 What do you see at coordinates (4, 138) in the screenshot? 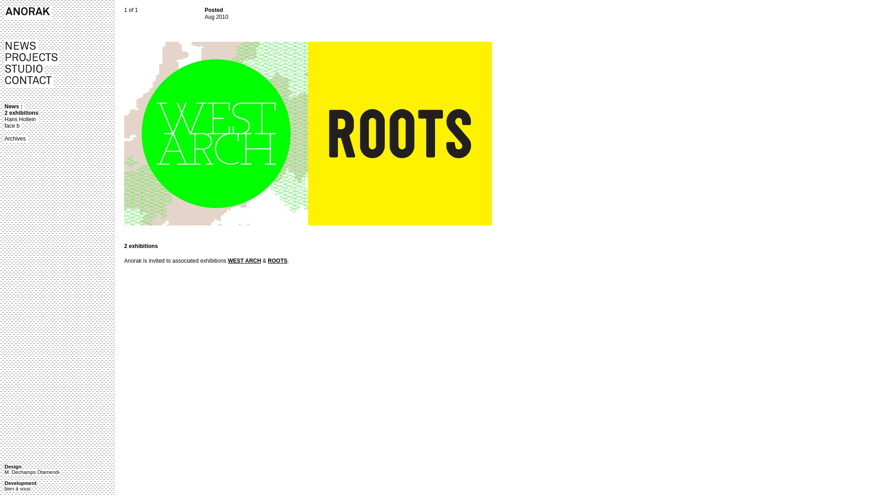
I see `'Archives'` at bounding box center [4, 138].